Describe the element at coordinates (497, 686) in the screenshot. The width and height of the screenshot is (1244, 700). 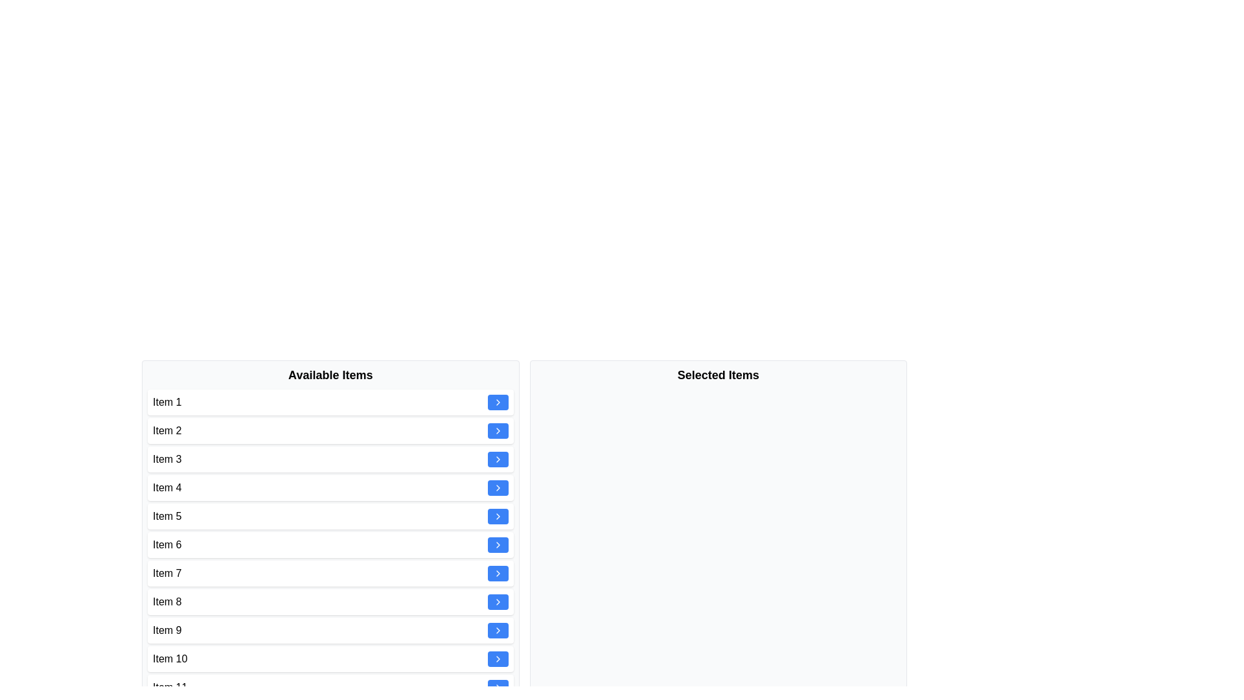
I see `the rightward-pointing chevron icon within the blue button at the bottom-right corner of the 'Available Items' list for potential visual feedback` at that location.